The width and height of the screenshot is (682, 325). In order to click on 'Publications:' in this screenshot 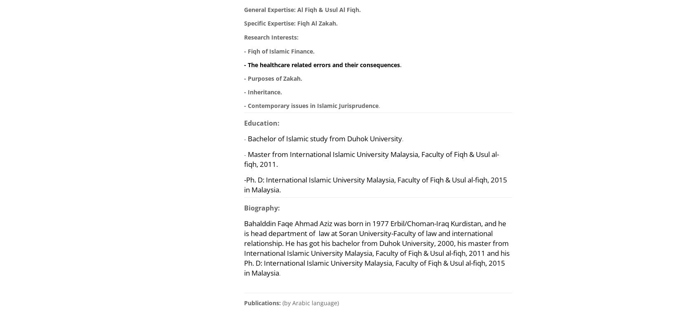, I will do `click(263, 303)`.